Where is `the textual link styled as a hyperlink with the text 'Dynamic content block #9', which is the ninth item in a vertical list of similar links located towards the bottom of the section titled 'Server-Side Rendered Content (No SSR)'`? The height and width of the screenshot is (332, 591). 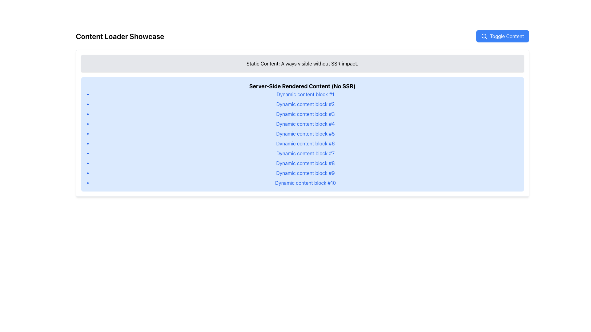
the textual link styled as a hyperlink with the text 'Dynamic content block #9', which is the ninth item in a vertical list of similar links located towards the bottom of the section titled 'Server-Side Rendered Content (No SSR)' is located at coordinates (305, 173).